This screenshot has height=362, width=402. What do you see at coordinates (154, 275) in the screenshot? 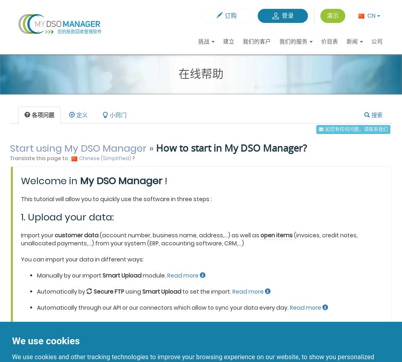
I see `'module.'` at bounding box center [154, 275].